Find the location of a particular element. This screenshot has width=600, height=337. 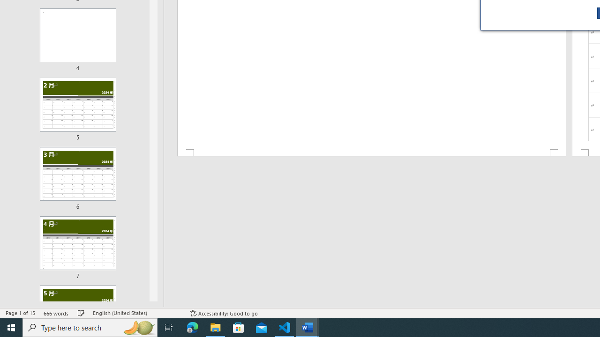

'Task View' is located at coordinates (168, 327).